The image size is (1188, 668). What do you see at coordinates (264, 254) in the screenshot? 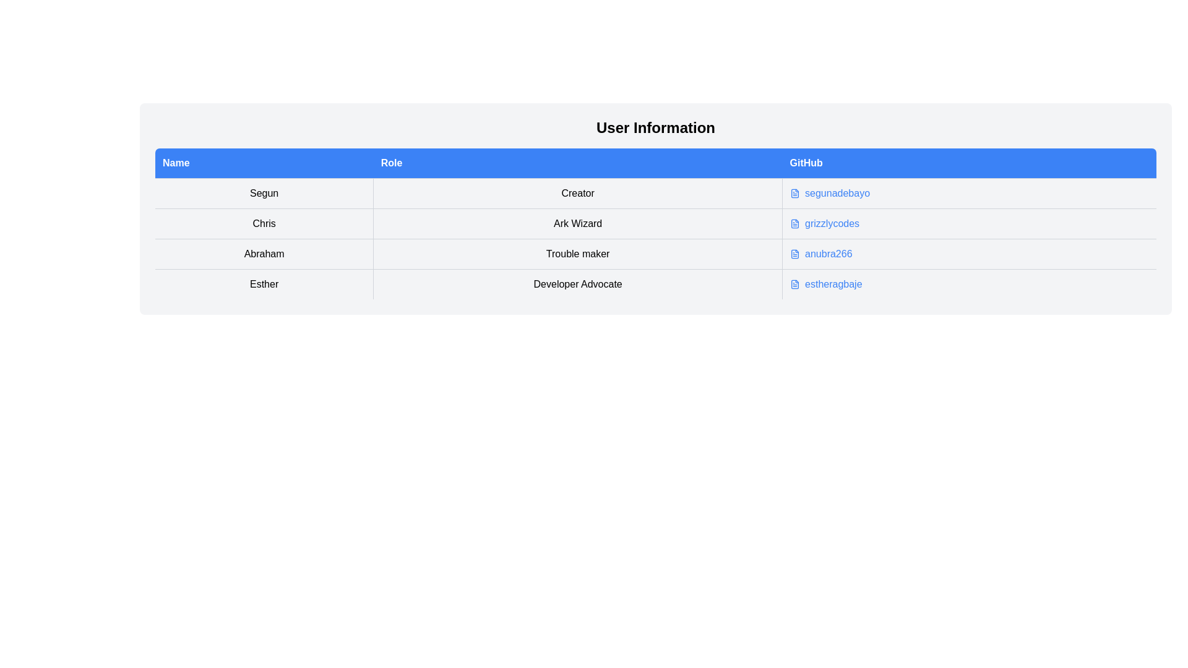
I see `the text field displaying 'Abraham', which is the first cell of the third row in a table view under the 'Name' column` at bounding box center [264, 254].